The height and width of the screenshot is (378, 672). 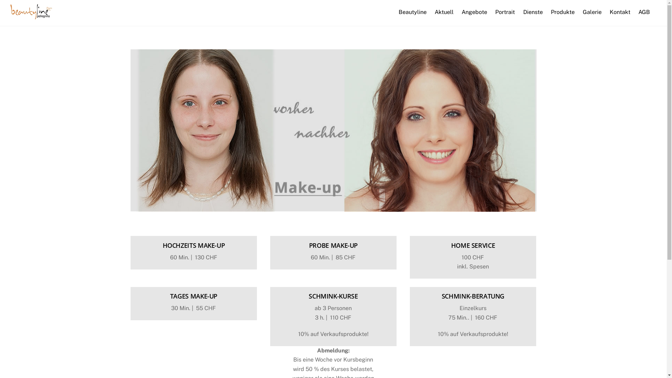 I want to click on 'Angebote', so click(x=475, y=12).